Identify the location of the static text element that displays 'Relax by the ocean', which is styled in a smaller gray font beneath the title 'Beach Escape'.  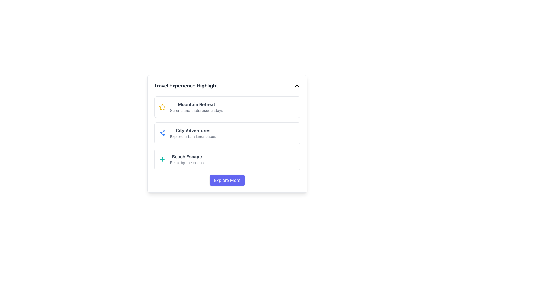
(187, 162).